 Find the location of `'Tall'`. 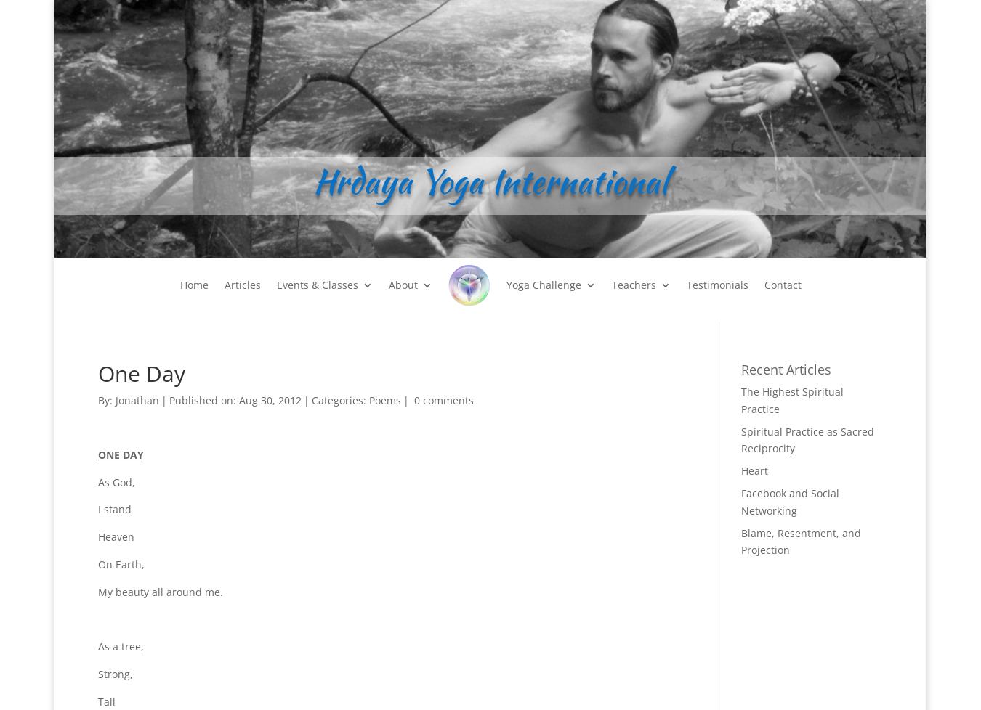

'Tall' is located at coordinates (107, 700).